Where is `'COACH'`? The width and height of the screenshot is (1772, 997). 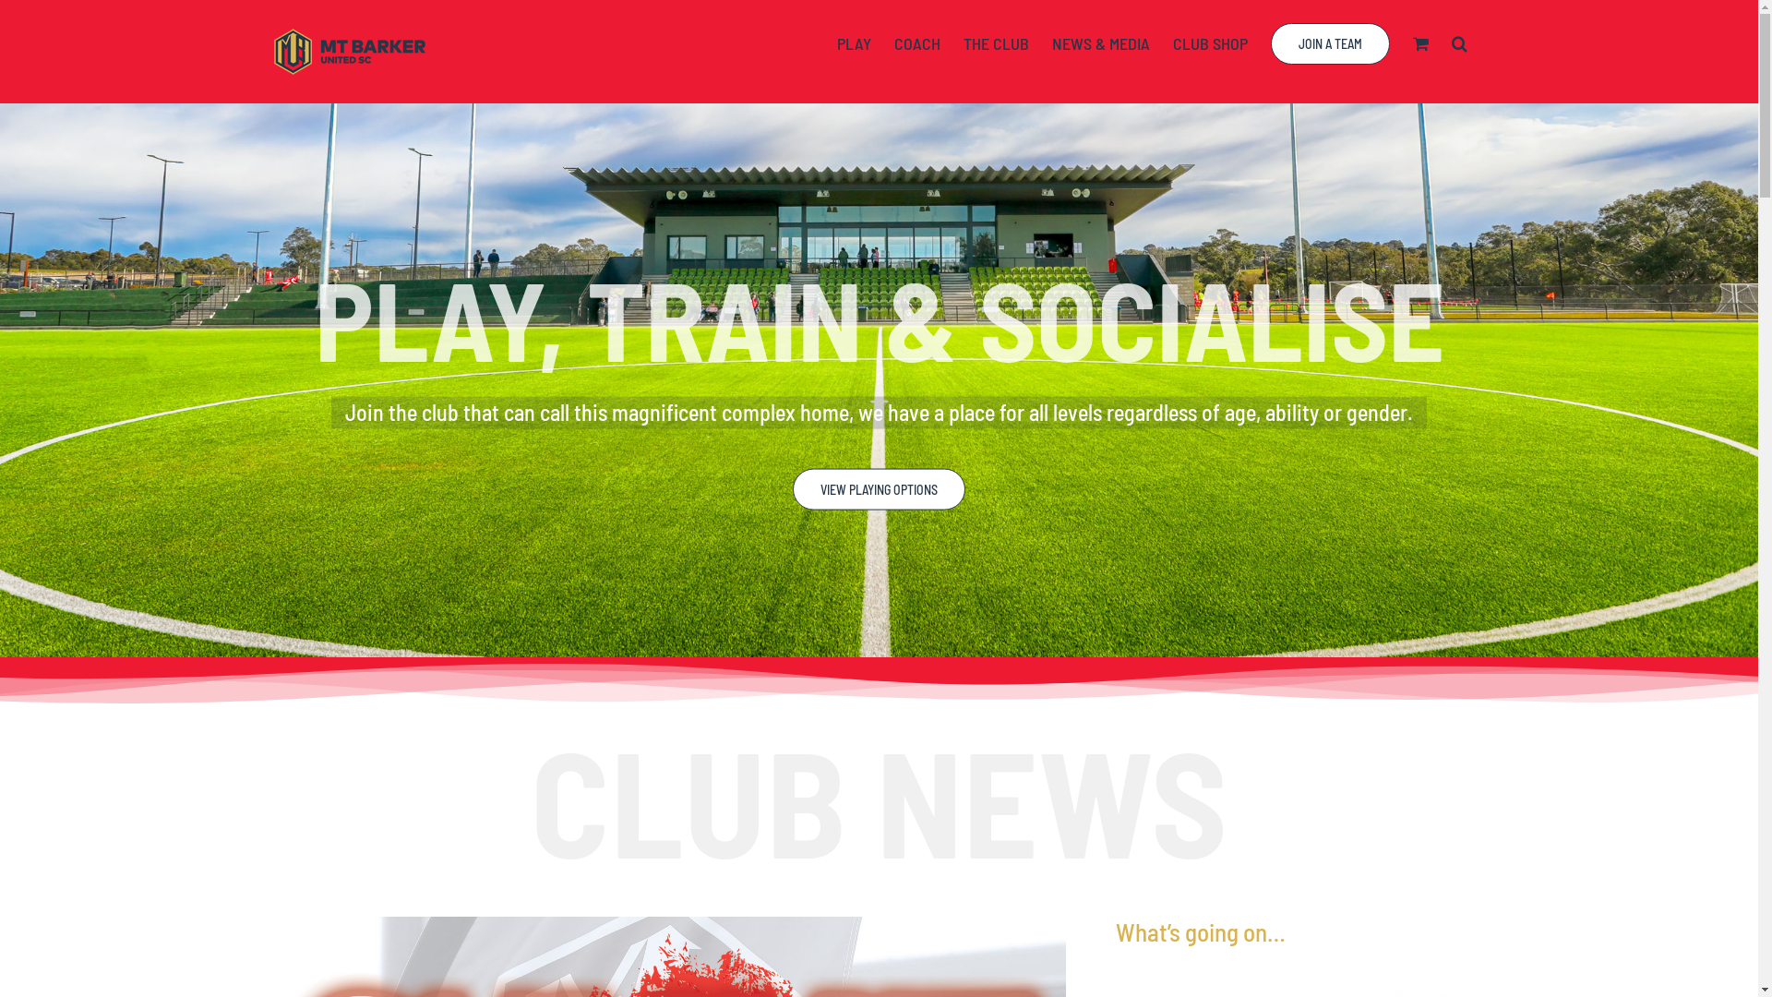 'COACH' is located at coordinates (894, 42).